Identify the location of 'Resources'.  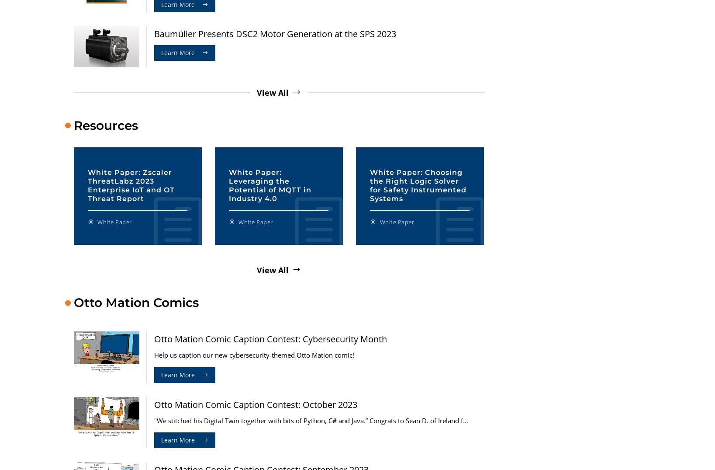
(105, 125).